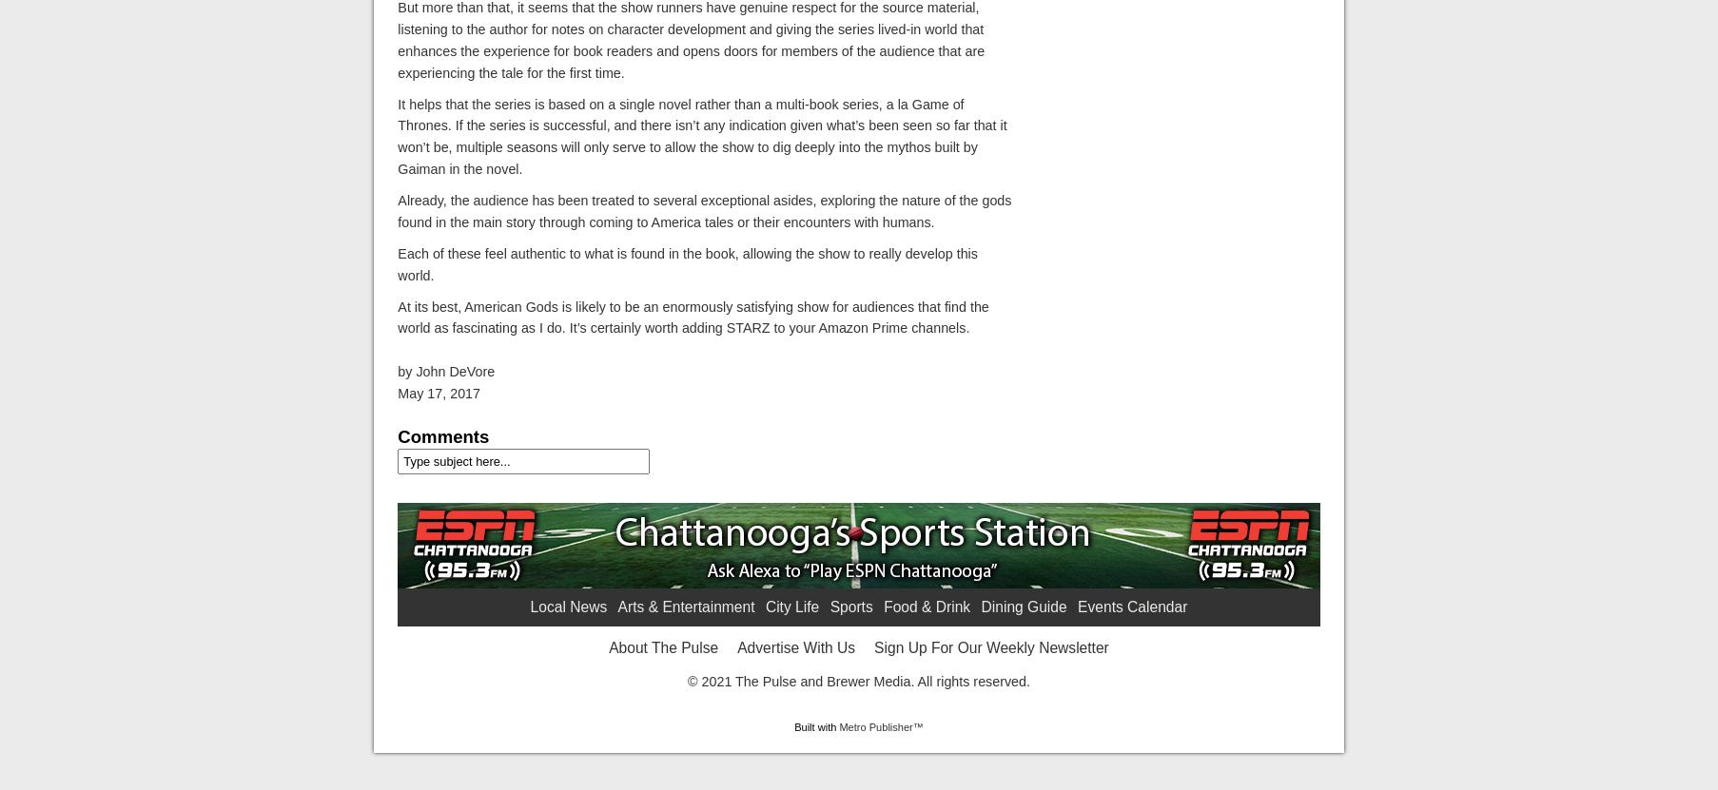 The image size is (1718, 790). What do you see at coordinates (990, 646) in the screenshot?
I see `'Sign Up For Our Weekly Newsletter'` at bounding box center [990, 646].